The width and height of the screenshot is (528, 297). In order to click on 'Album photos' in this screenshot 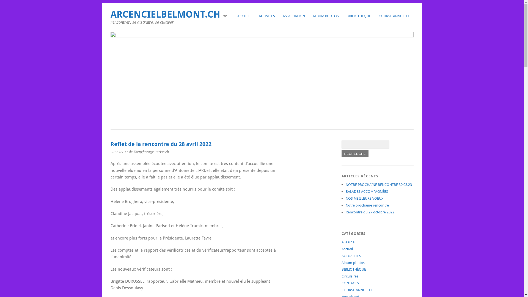, I will do `click(353, 262)`.